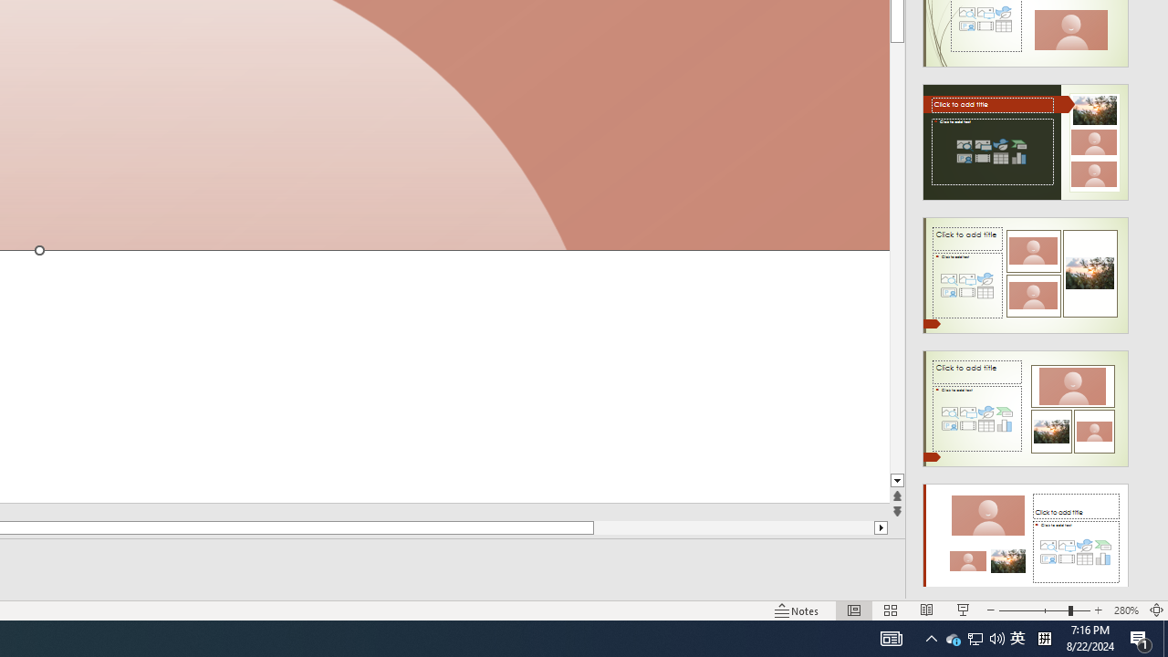 This screenshot has width=1168, height=657. I want to click on 'Normal', so click(853, 610).